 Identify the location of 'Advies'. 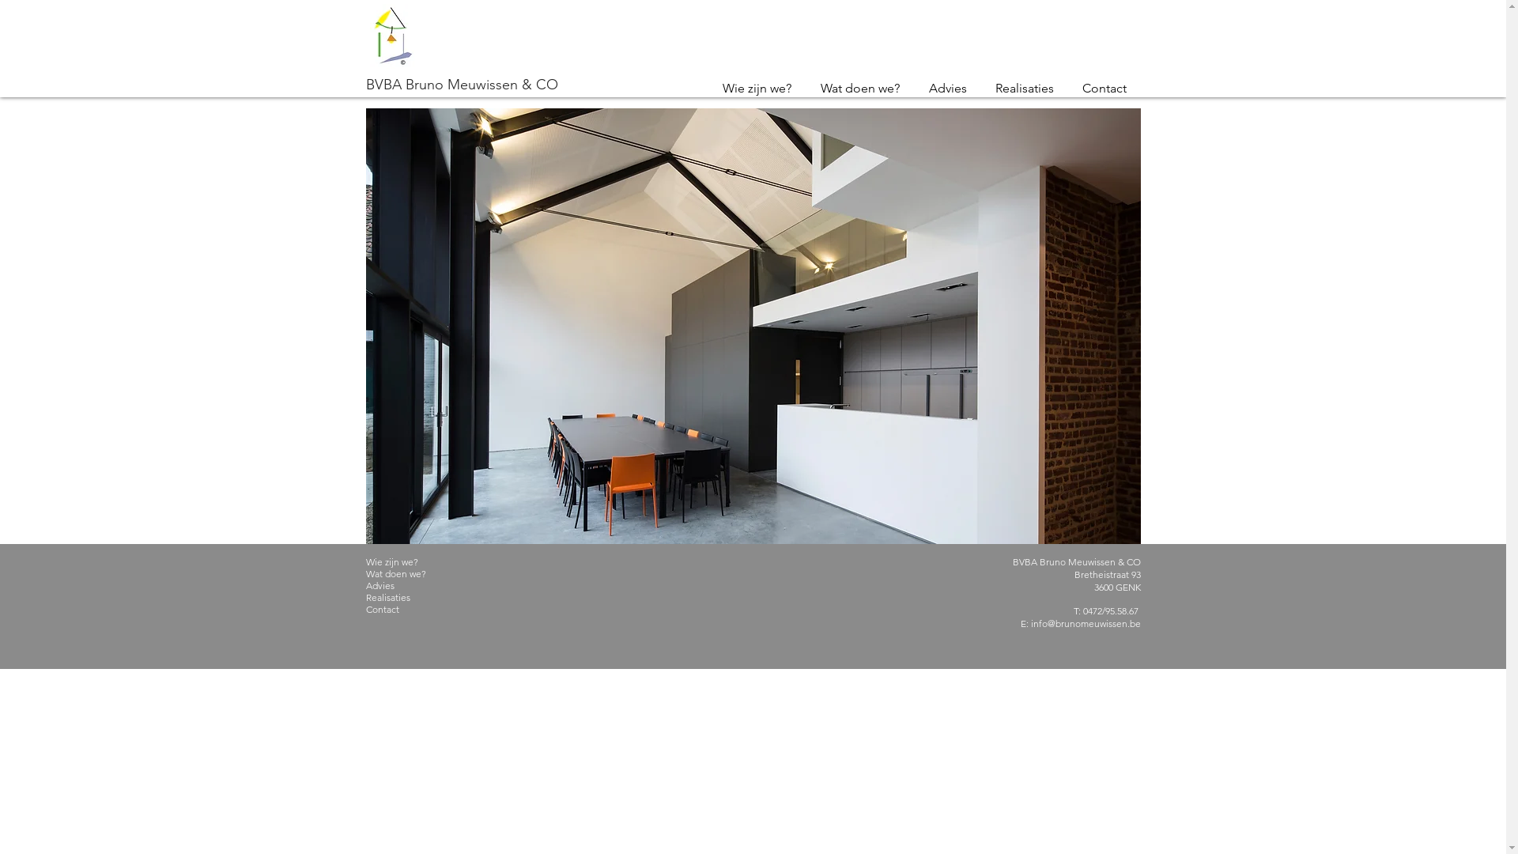
(947, 88).